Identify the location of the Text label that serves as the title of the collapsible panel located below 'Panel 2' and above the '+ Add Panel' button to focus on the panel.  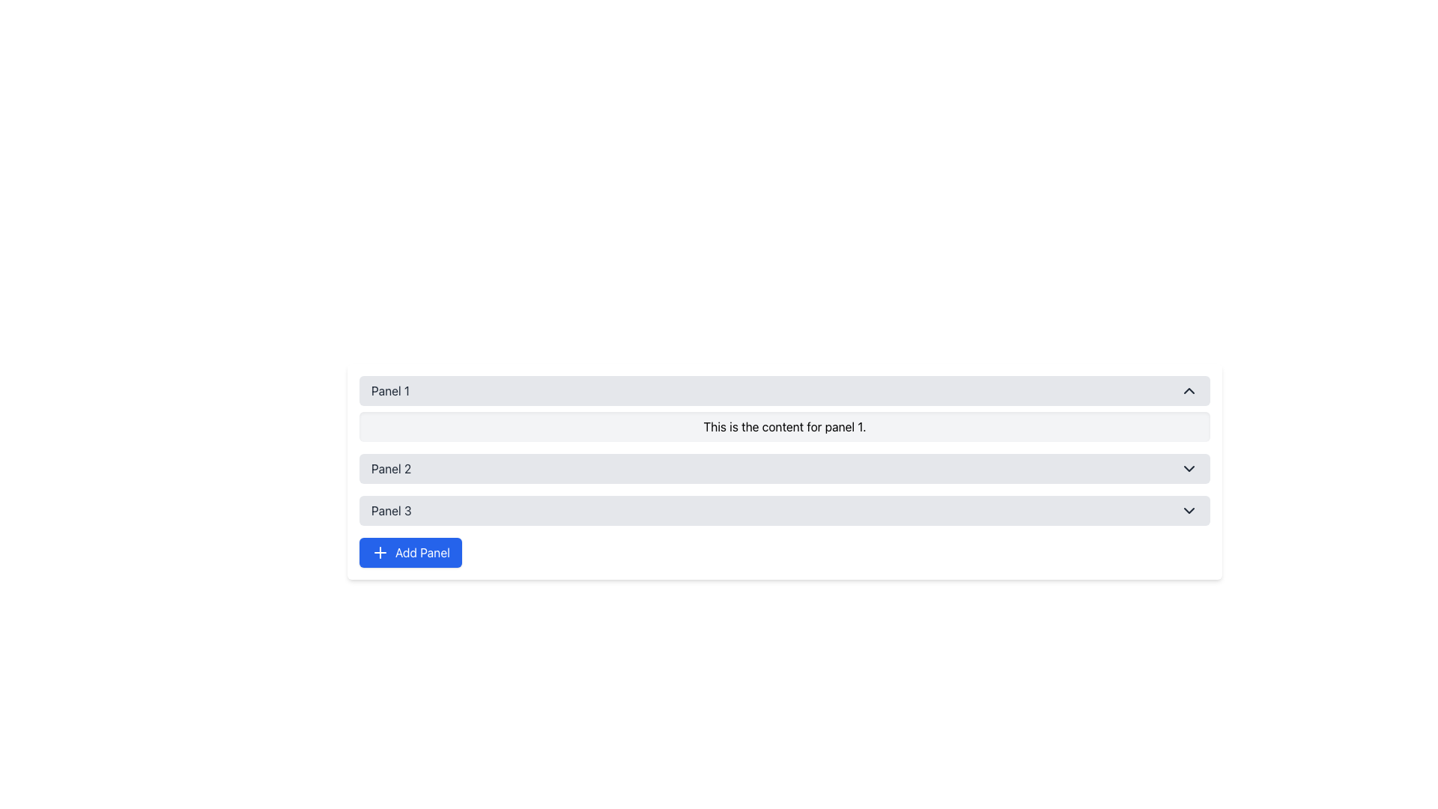
(391, 510).